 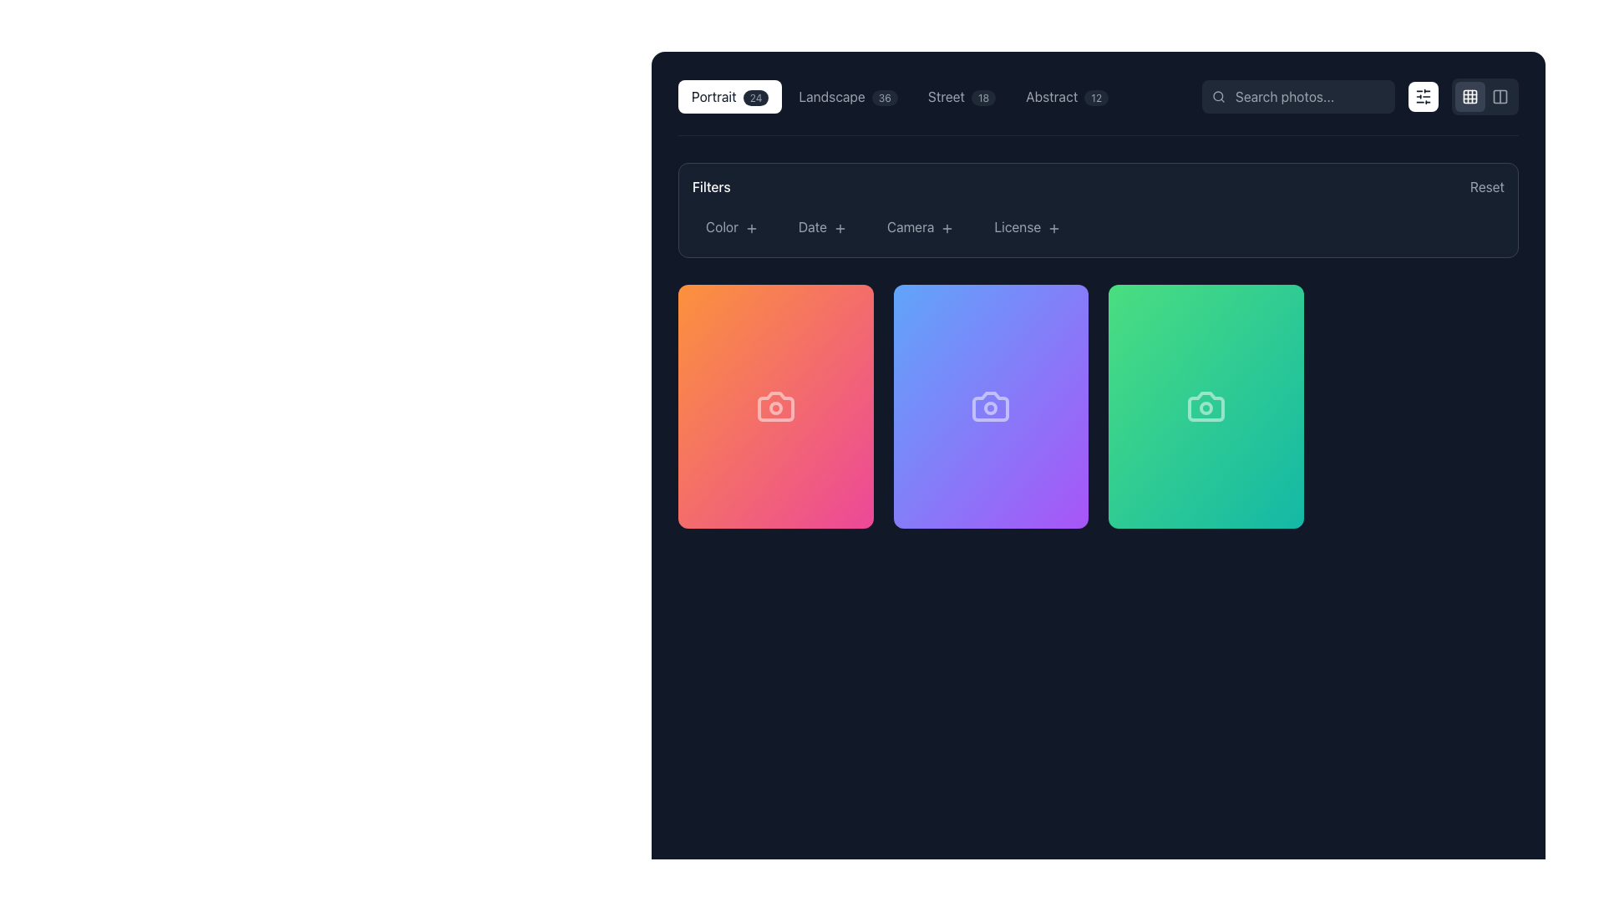 What do you see at coordinates (884, 98) in the screenshot?
I see `the Text badge that indicates the number of items associated with 'Landscape', located in the top navigation bar to the right of the 'Landscape' label` at bounding box center [884, 98].